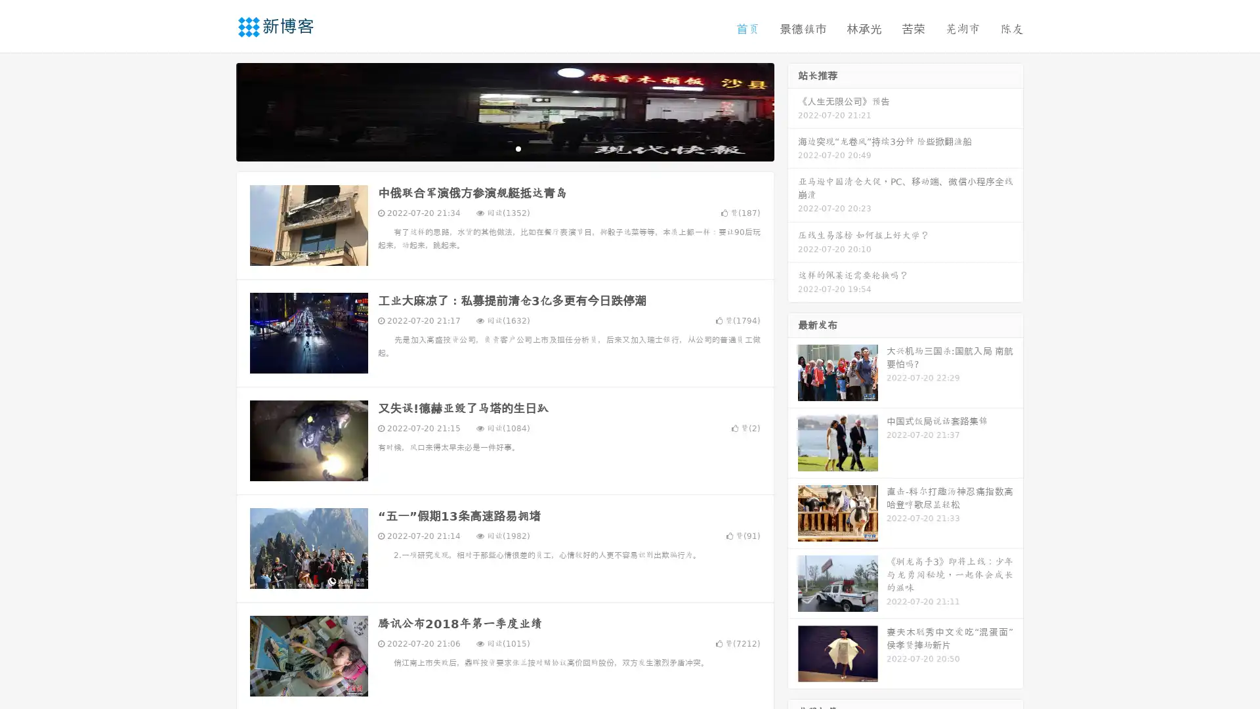 This screenshot has height=709, width=1260. What do you see at coordinates (518, 148) in the screenshot?
I see `Go to slide 3` at bounding box center [518, 148].